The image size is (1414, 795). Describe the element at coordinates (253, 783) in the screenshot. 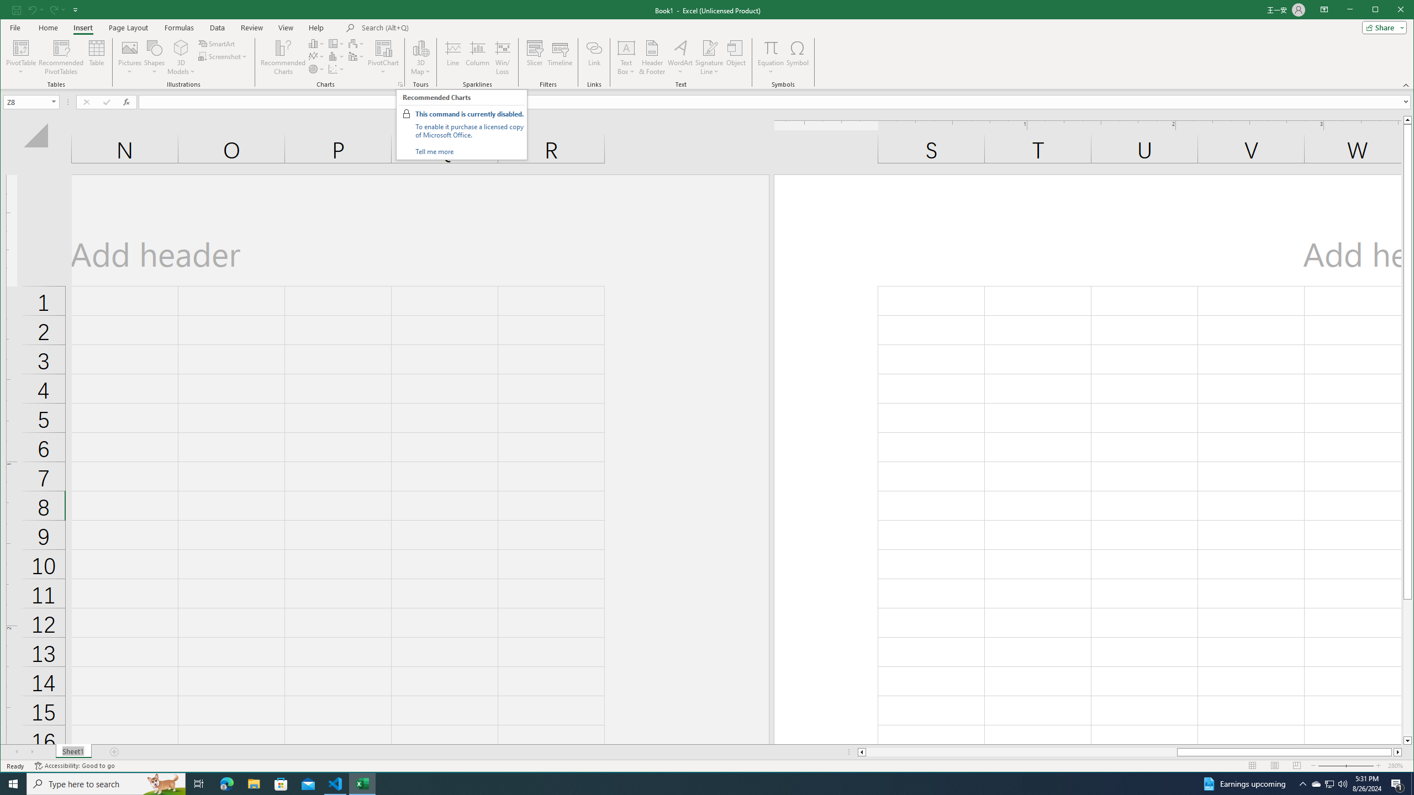

I see `'File Explorer'` at that location.